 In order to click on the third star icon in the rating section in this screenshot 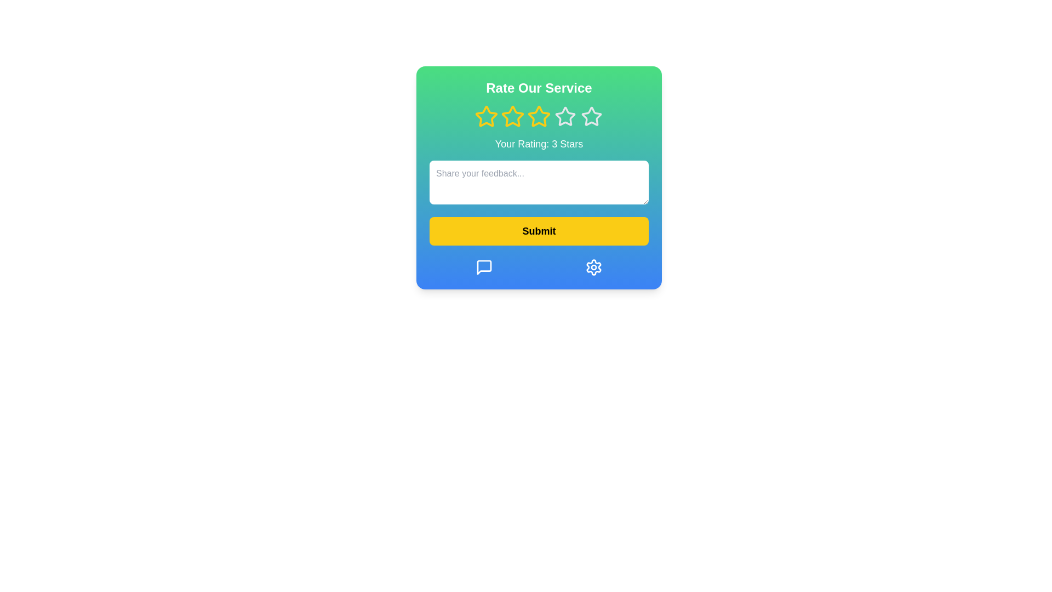, I will do `click(539, 116)`.